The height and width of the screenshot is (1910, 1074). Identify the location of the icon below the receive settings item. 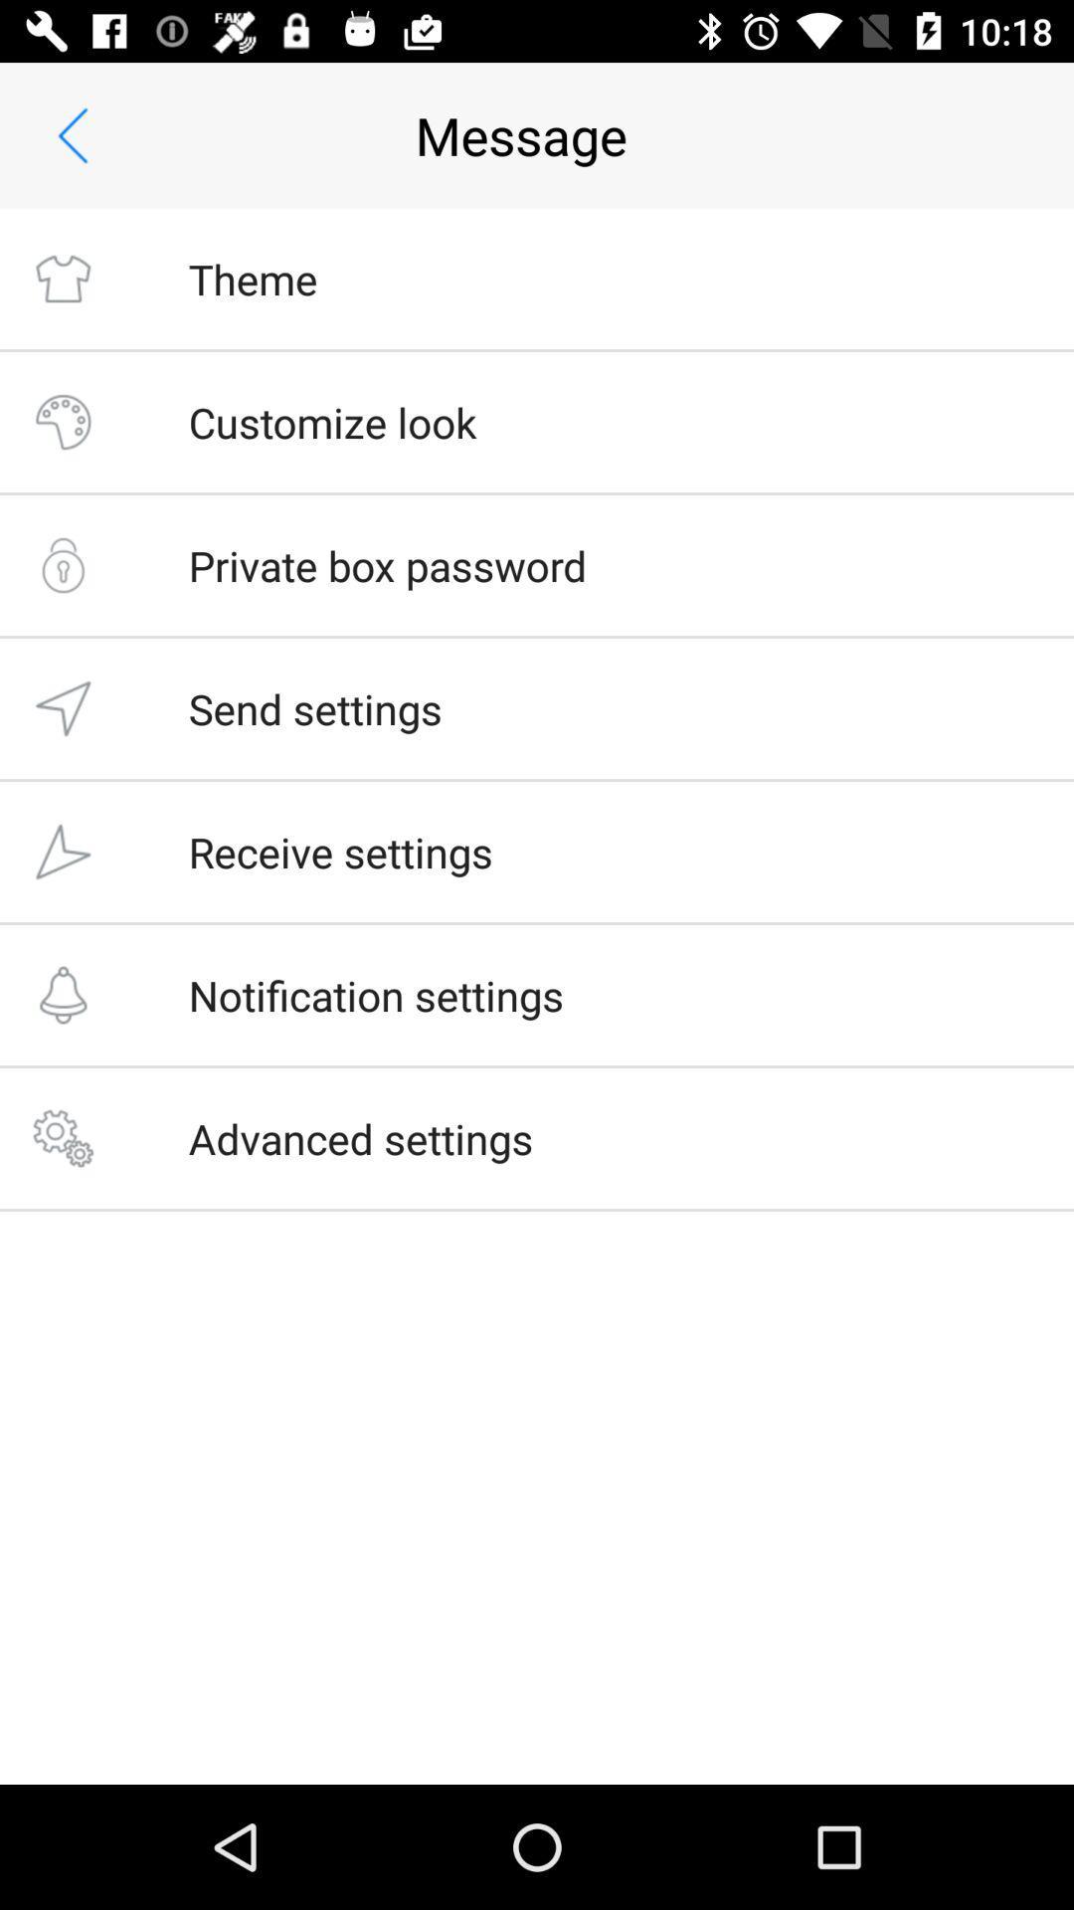
(376, 995).